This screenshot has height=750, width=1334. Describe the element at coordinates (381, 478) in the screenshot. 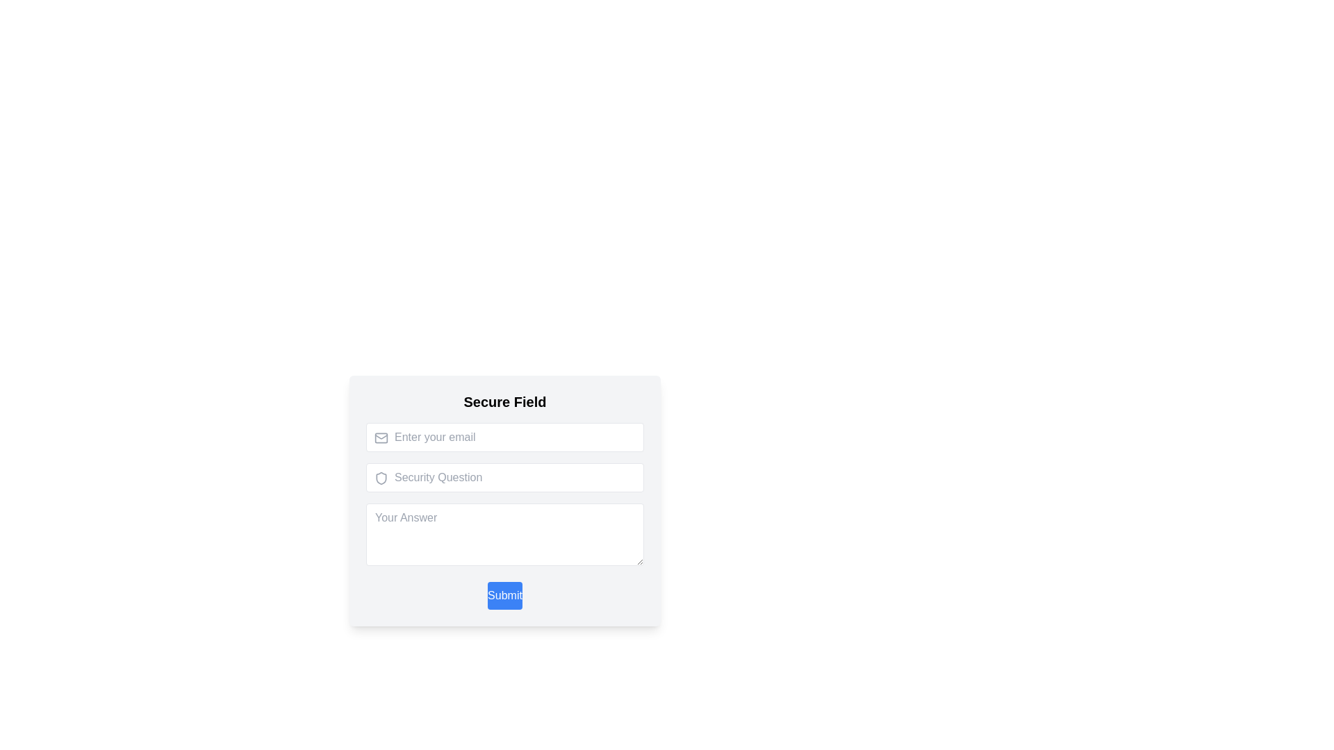

I see `security indicator icon located to the left of the Security Question input field` at that location.